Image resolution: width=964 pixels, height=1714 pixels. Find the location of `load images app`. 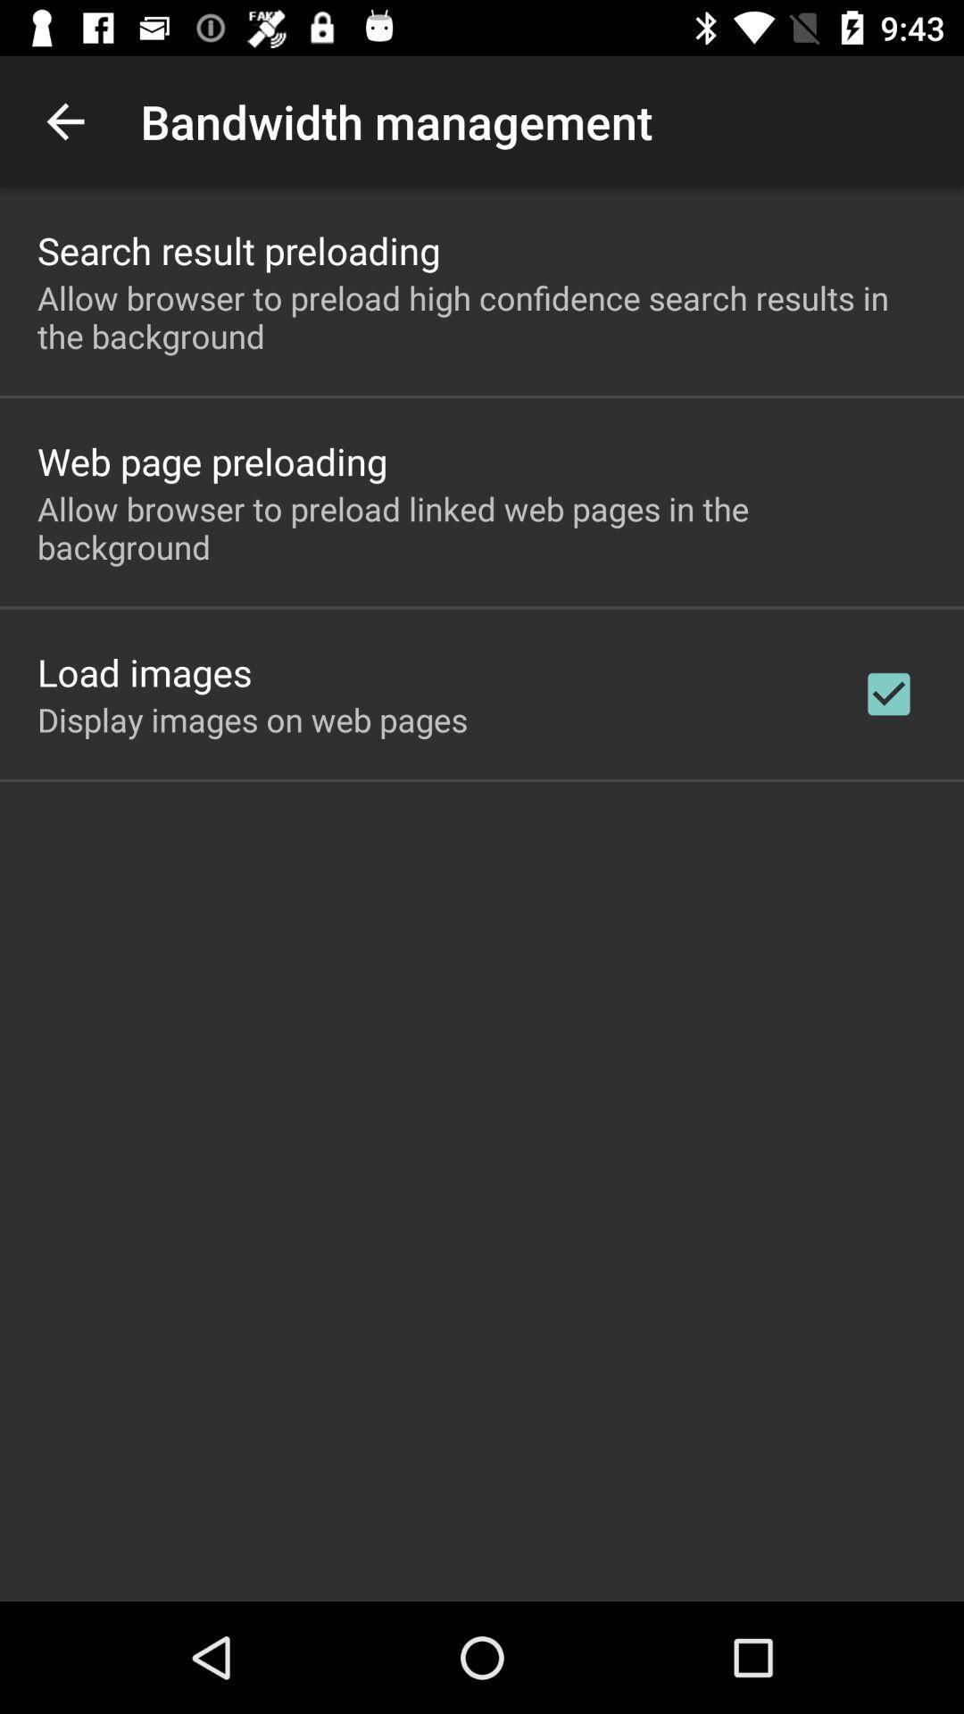

load images app is located at coordinates (144, 671).